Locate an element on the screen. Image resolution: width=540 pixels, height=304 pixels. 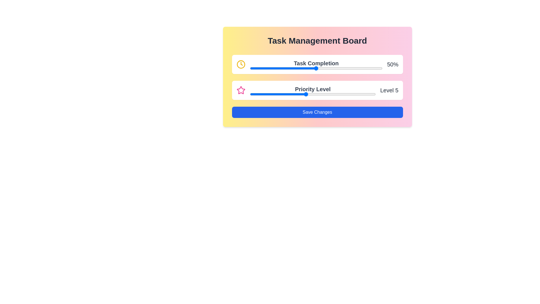
the task completion slider is located at coordinates (256, 68).